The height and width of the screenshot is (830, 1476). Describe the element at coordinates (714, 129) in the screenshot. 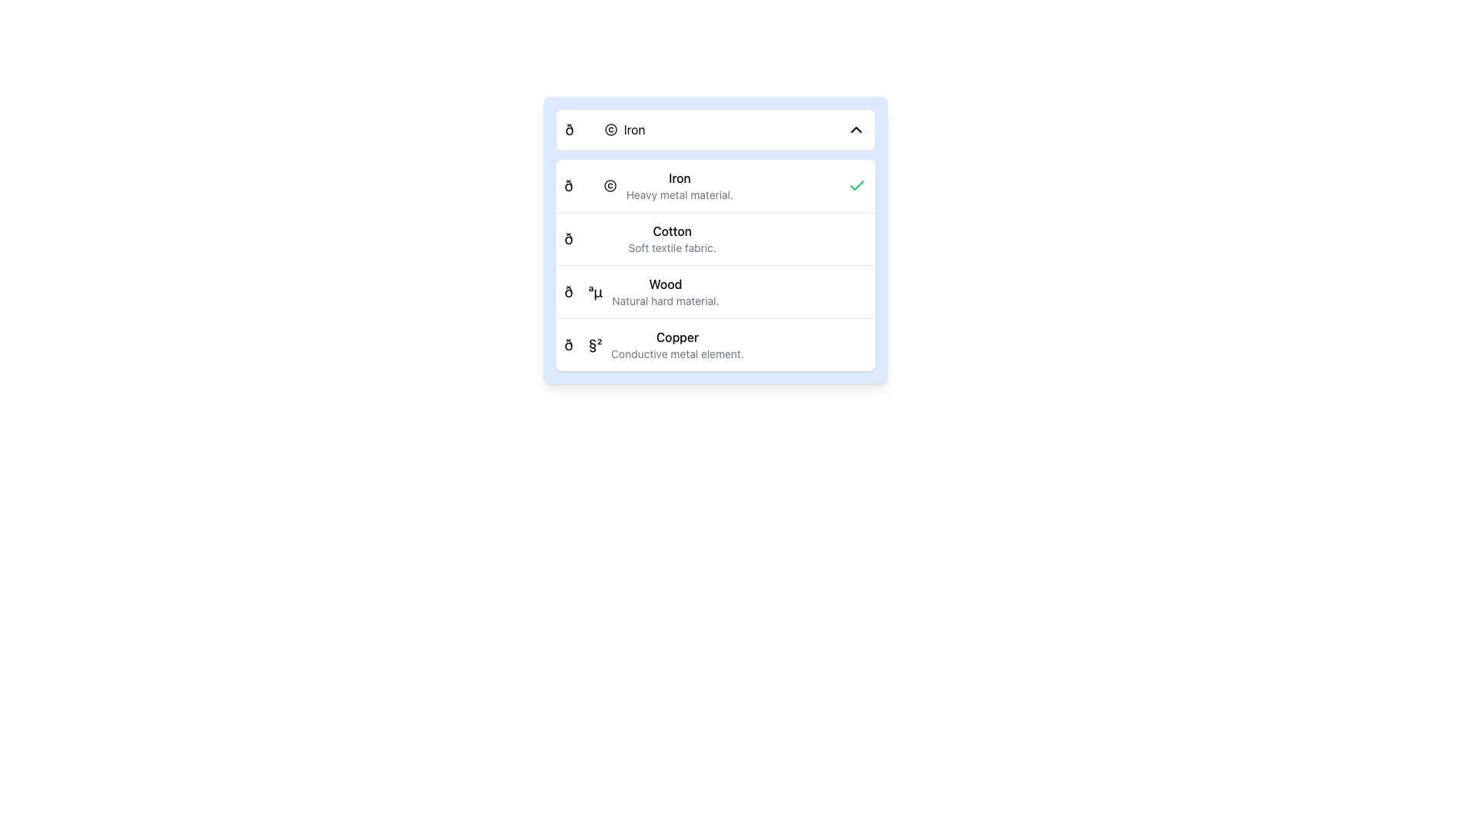

I see `the Drop-down Menu Header labeled 'Iron' for keyboard navigation` at that location.